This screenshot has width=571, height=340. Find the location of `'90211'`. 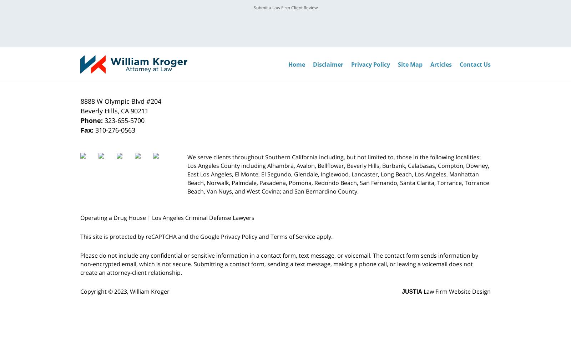

'90211' is located at coordinates (140, 111).